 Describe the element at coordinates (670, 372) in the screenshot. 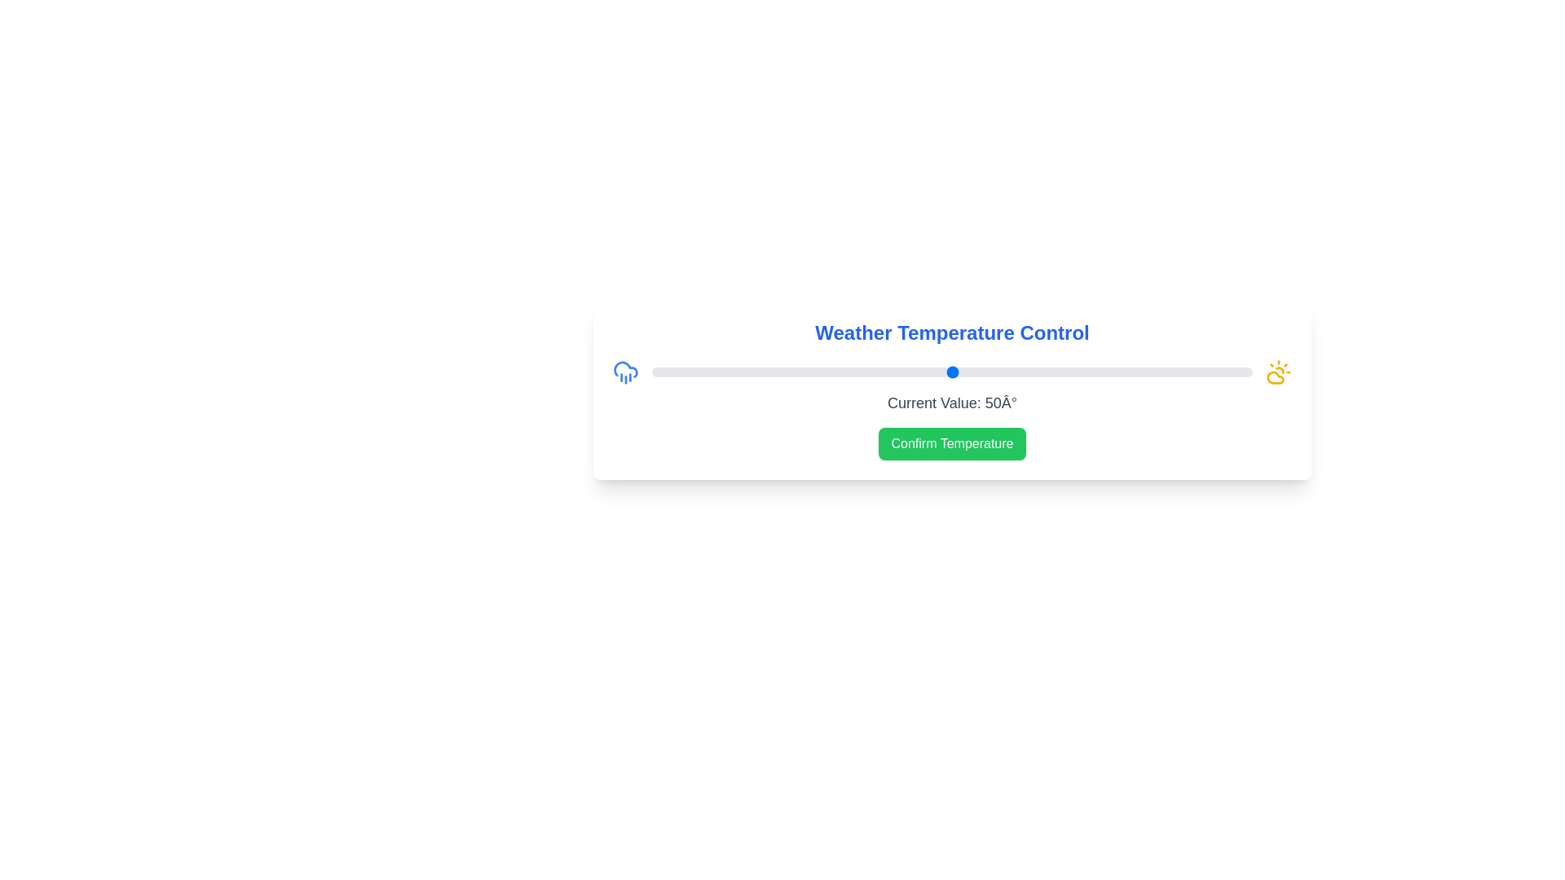

I see `the slider to set the temperature to 3°` at that location.